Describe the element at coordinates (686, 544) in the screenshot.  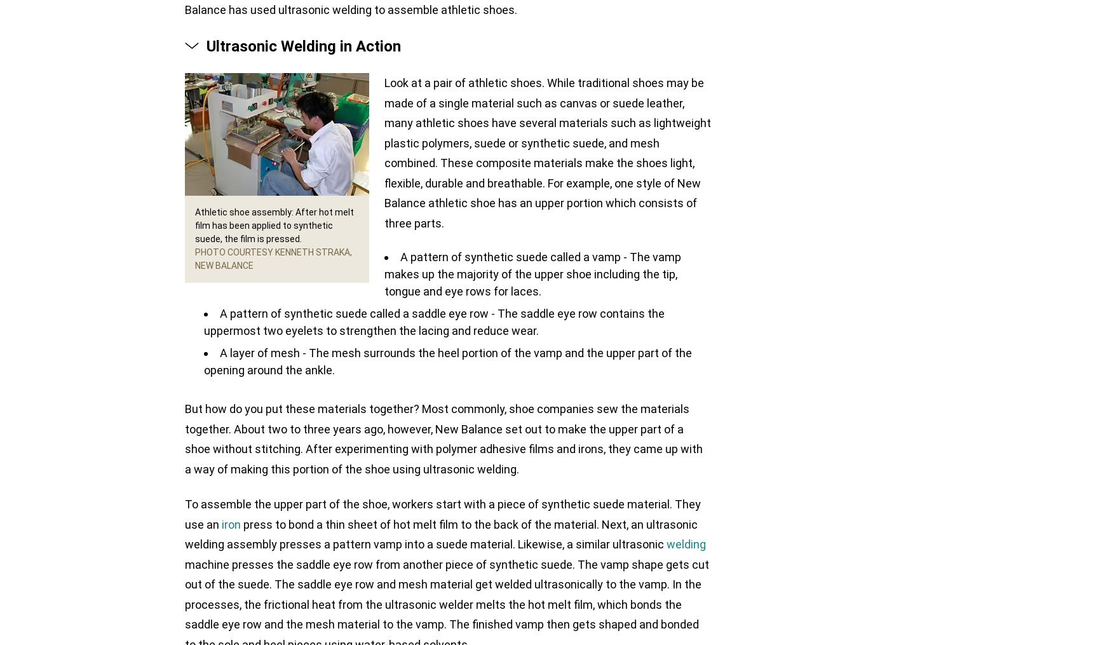
I see `'welding'` at that location.